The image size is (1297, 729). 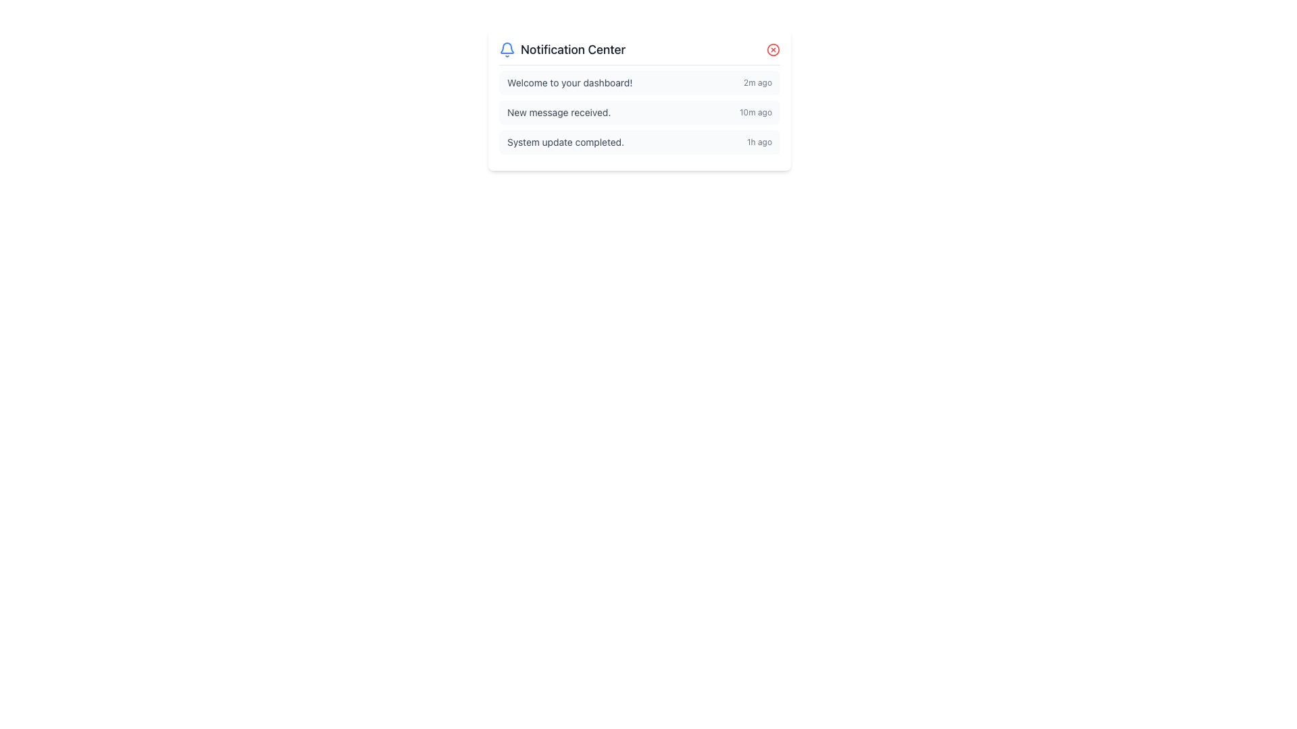 What do you see at coordinates (565, 142) in the screenshot?
I see `the text label displaying 'System update completed.' in the third notification box under the 'Notification Center'` at bounding box center [565, 142].